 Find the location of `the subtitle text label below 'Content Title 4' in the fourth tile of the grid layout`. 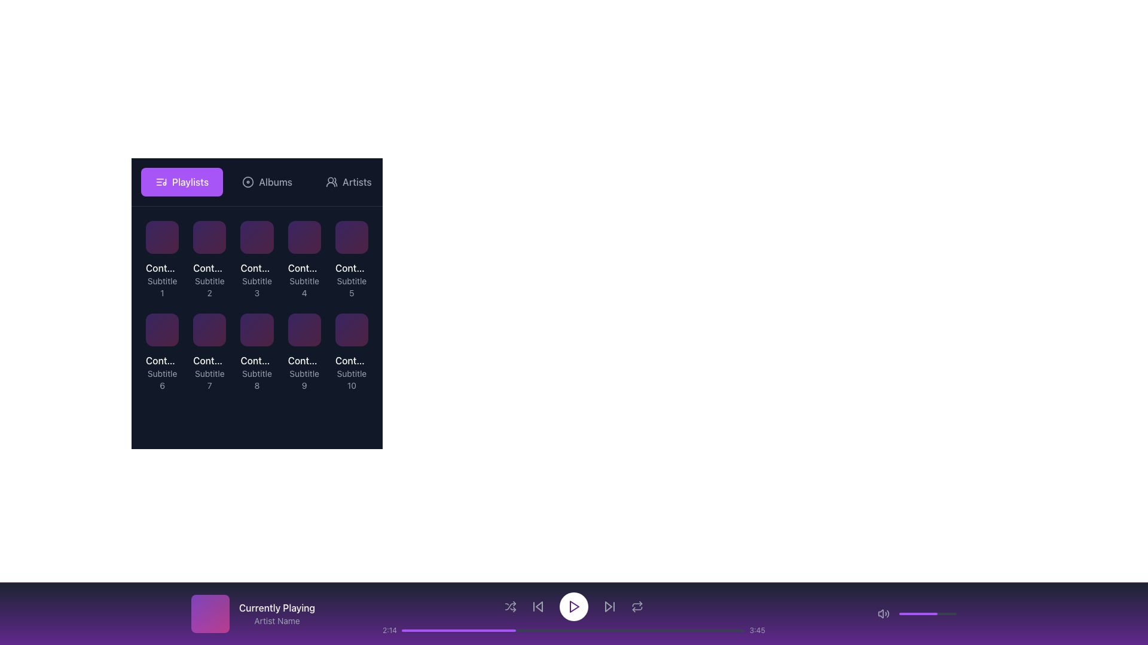

the subtitle text label below 'Content Title 4' in the fourth tile of the grid layout is located at coordinates (304, 287).